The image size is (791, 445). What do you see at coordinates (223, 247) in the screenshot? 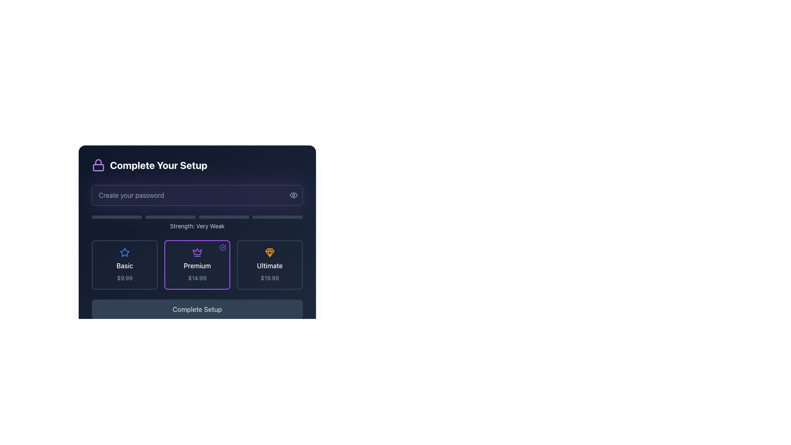
I see `the circular icon located in the top-right corner of the 'Premium' option box in the pricing selection section` at bounding box center [223, 247].